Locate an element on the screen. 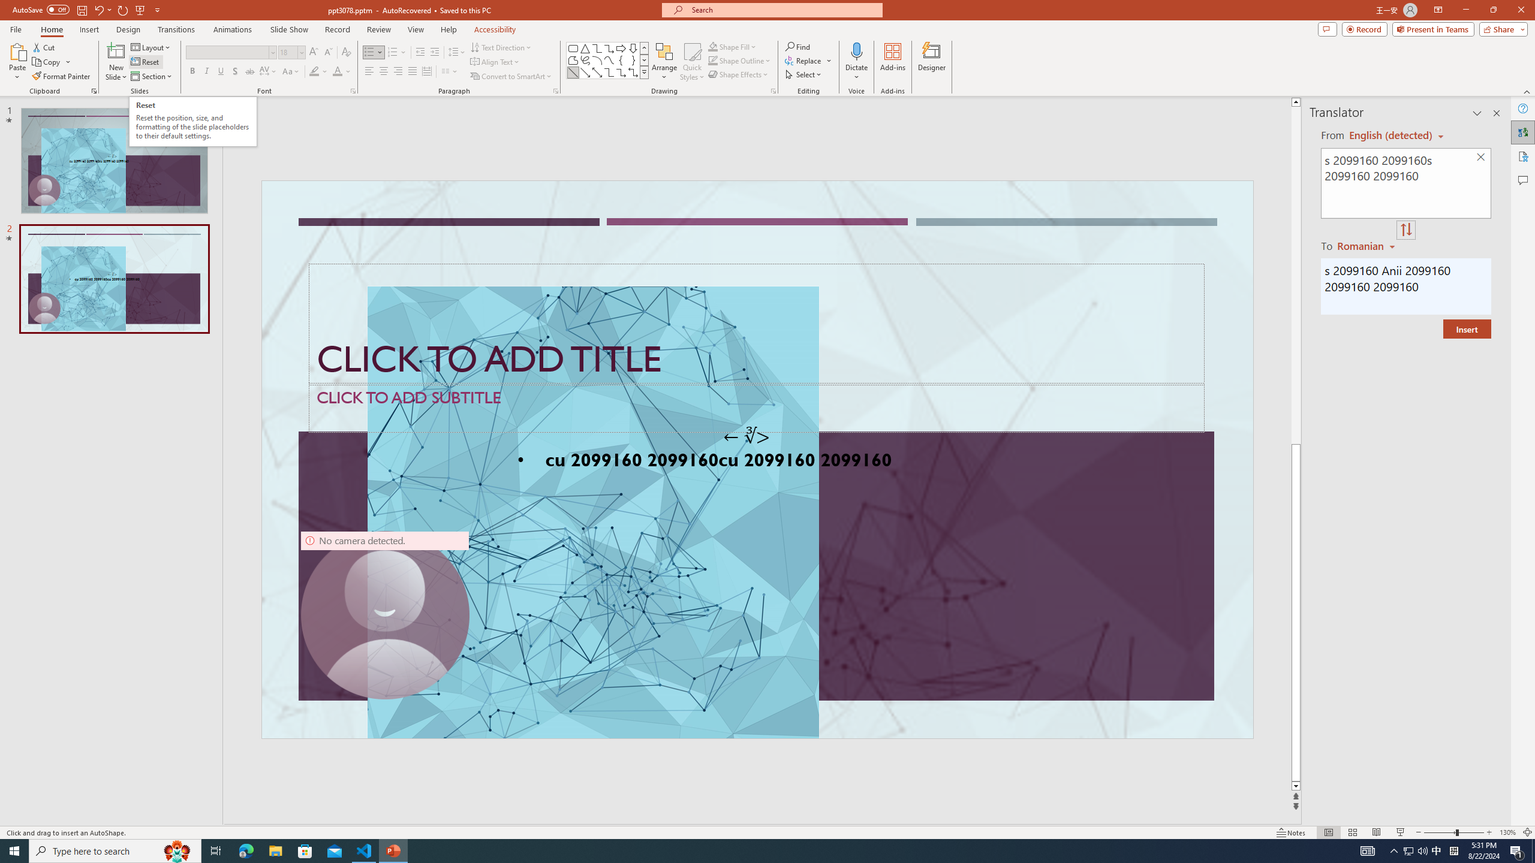 The image size is (1535, 863). 'Shape Fill Dark Green, Accent 2' is located at coordinates (713, 46).